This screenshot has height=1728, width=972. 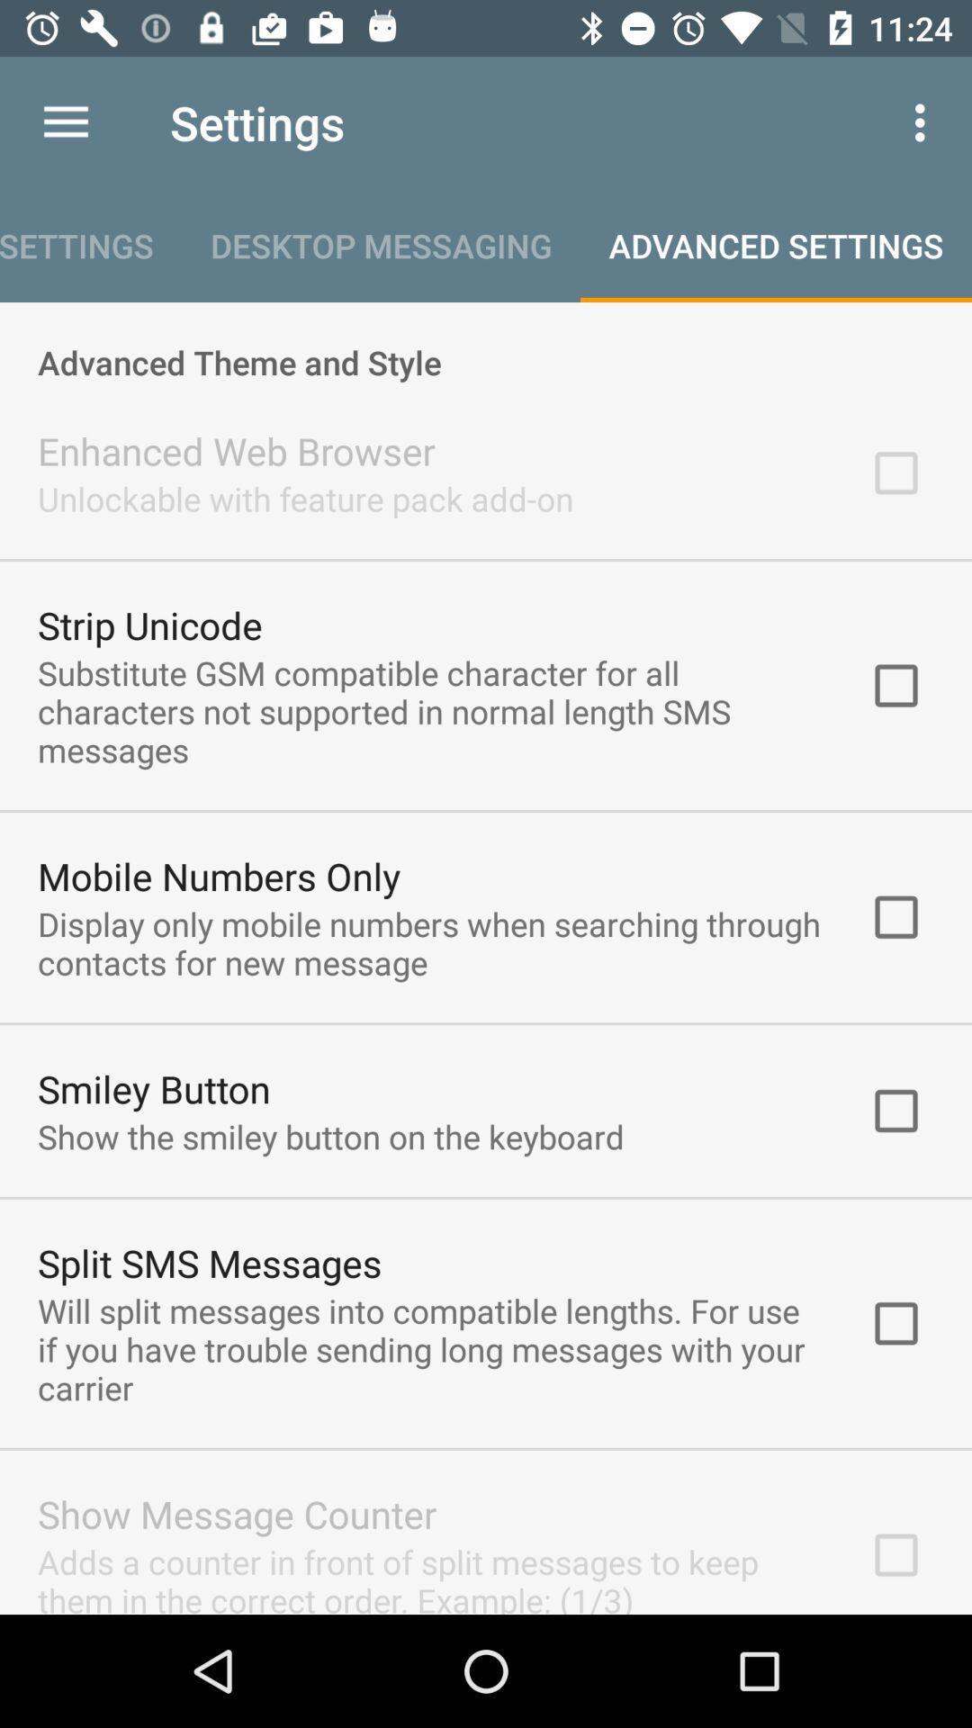 I want to click on the item below the advanced theme and icon, so click(x=235, y=450).